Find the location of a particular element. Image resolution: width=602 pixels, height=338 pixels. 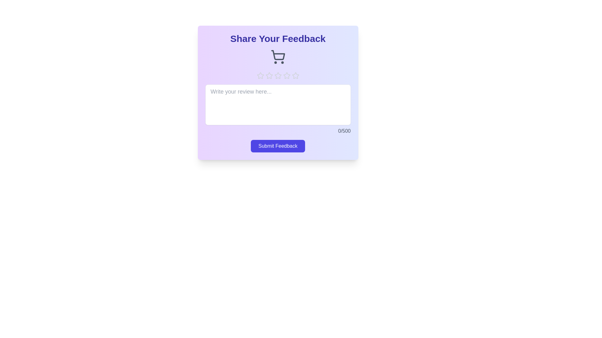

the star corresponding to the rating 3 is located at coordinates (277, 75).